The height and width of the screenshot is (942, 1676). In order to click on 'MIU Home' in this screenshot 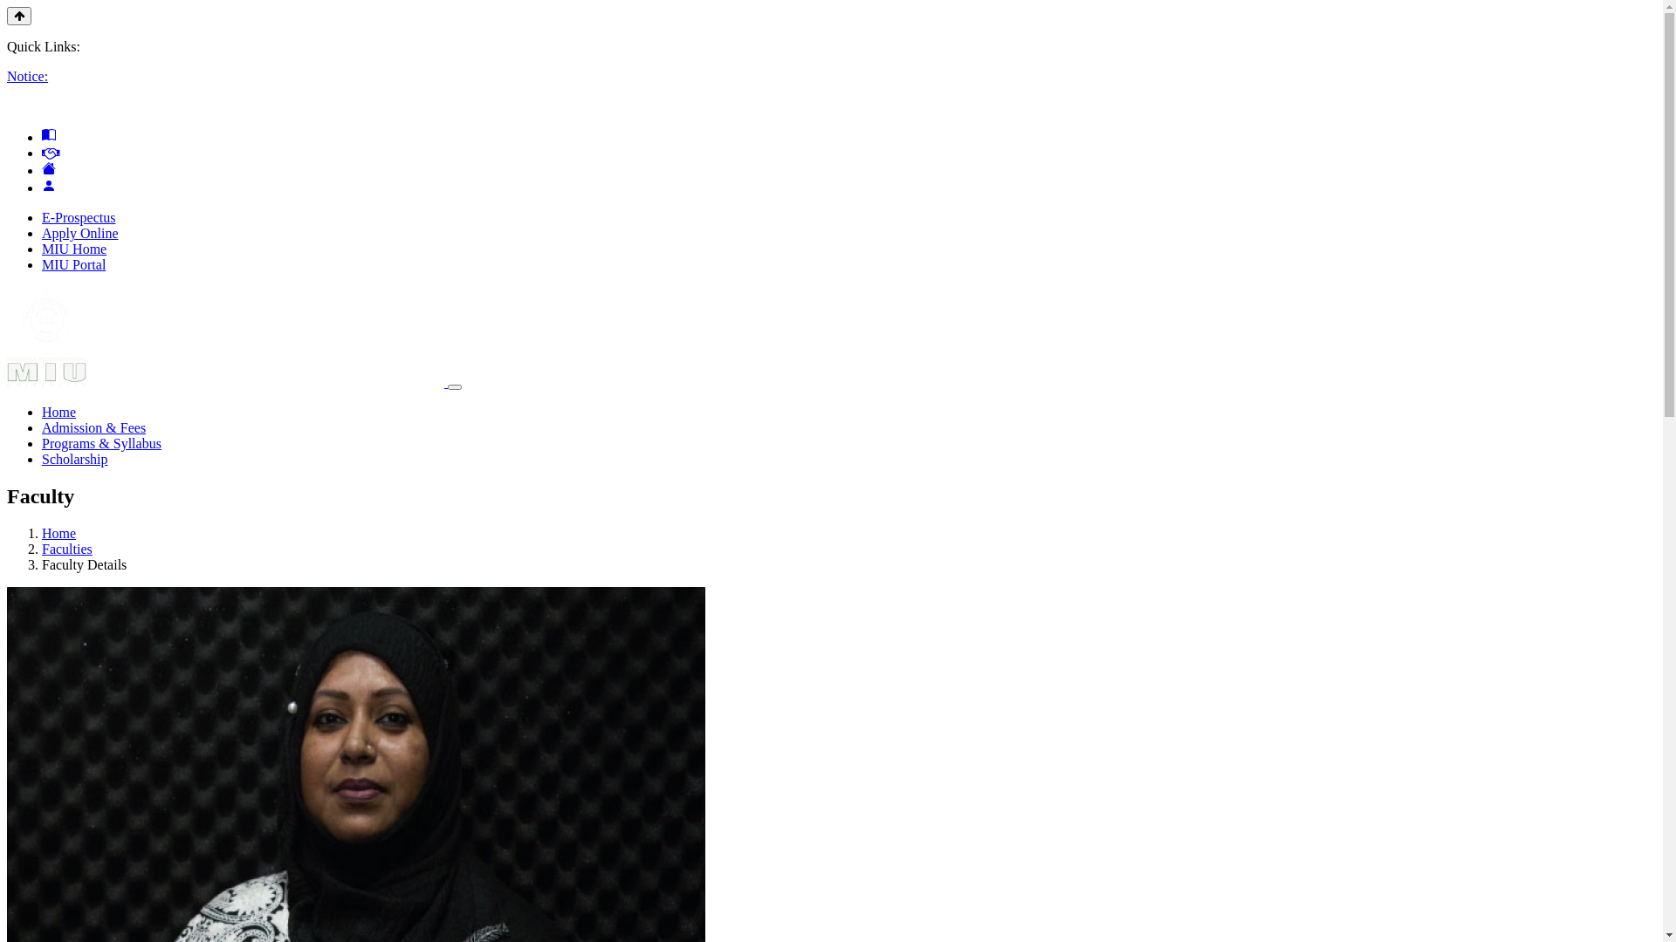, I will do `click(73, 249)`.